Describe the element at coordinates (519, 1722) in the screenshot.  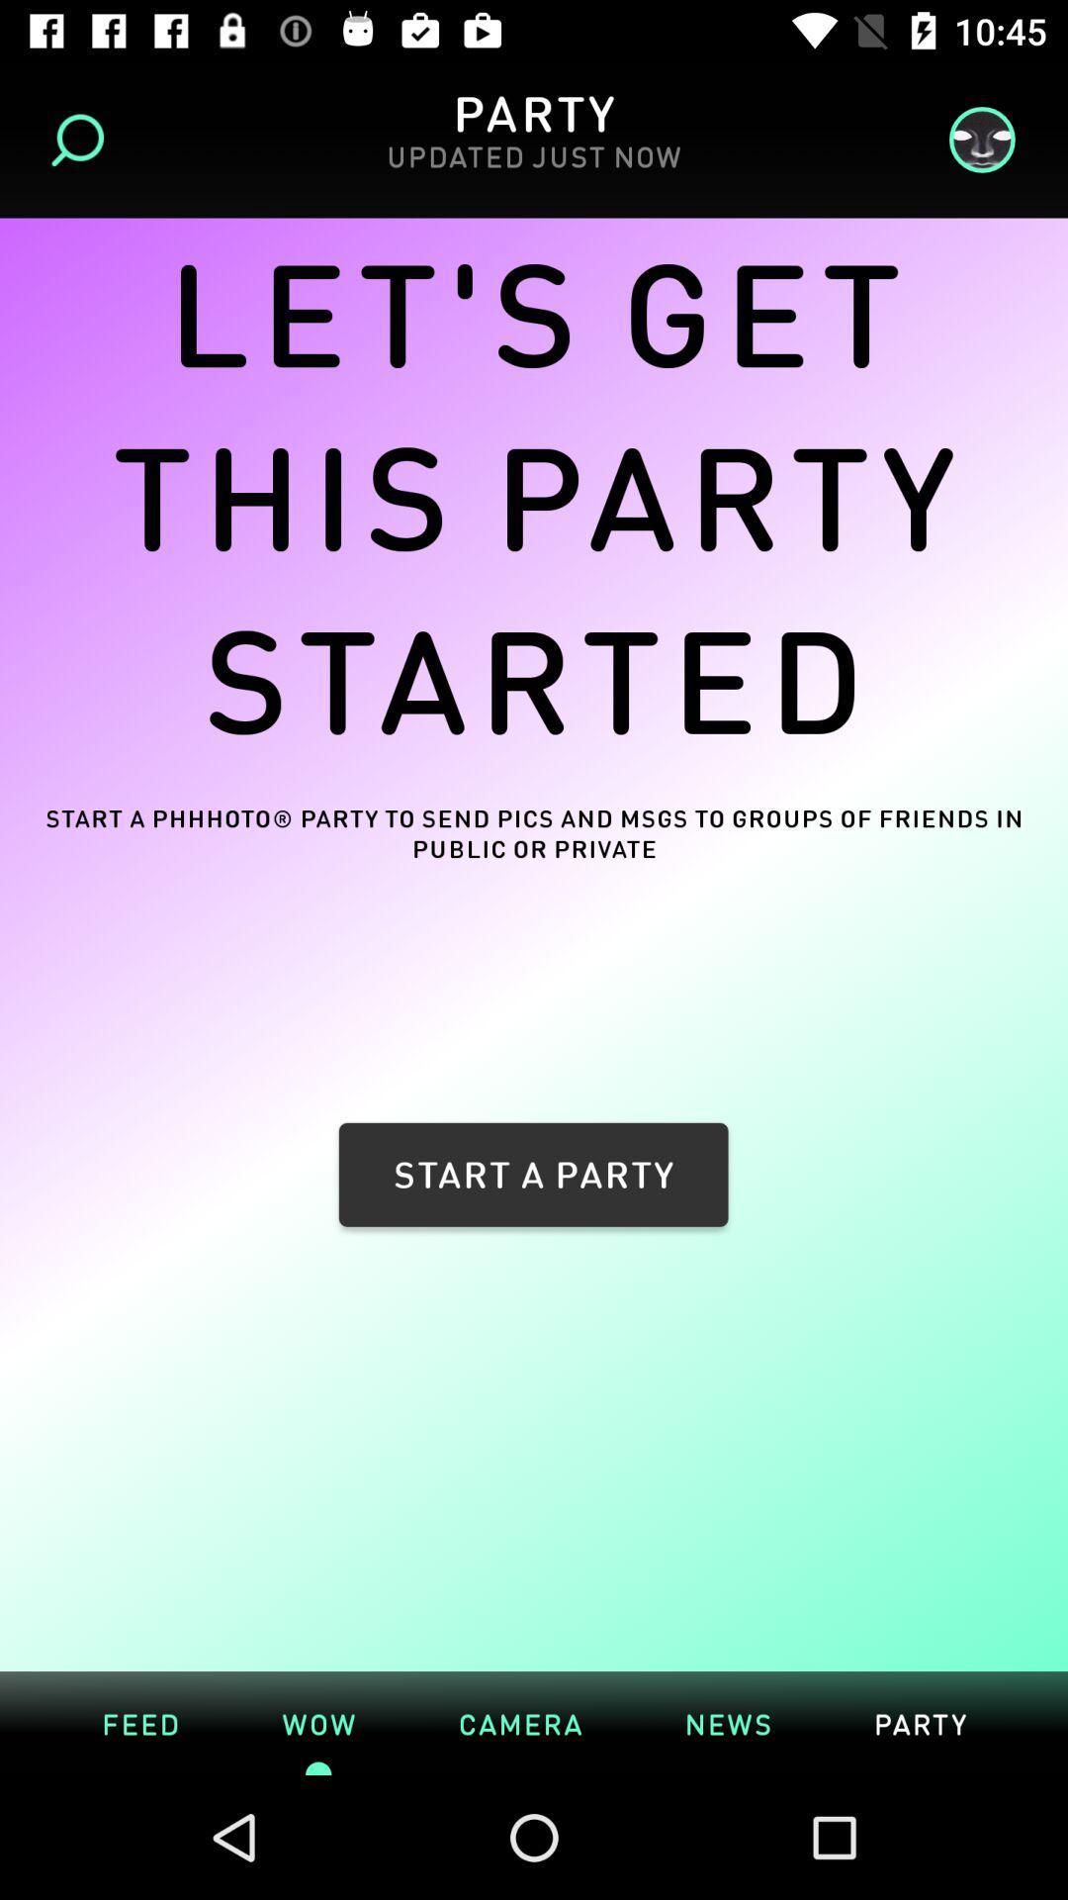
I see `the camera icon` at that location.